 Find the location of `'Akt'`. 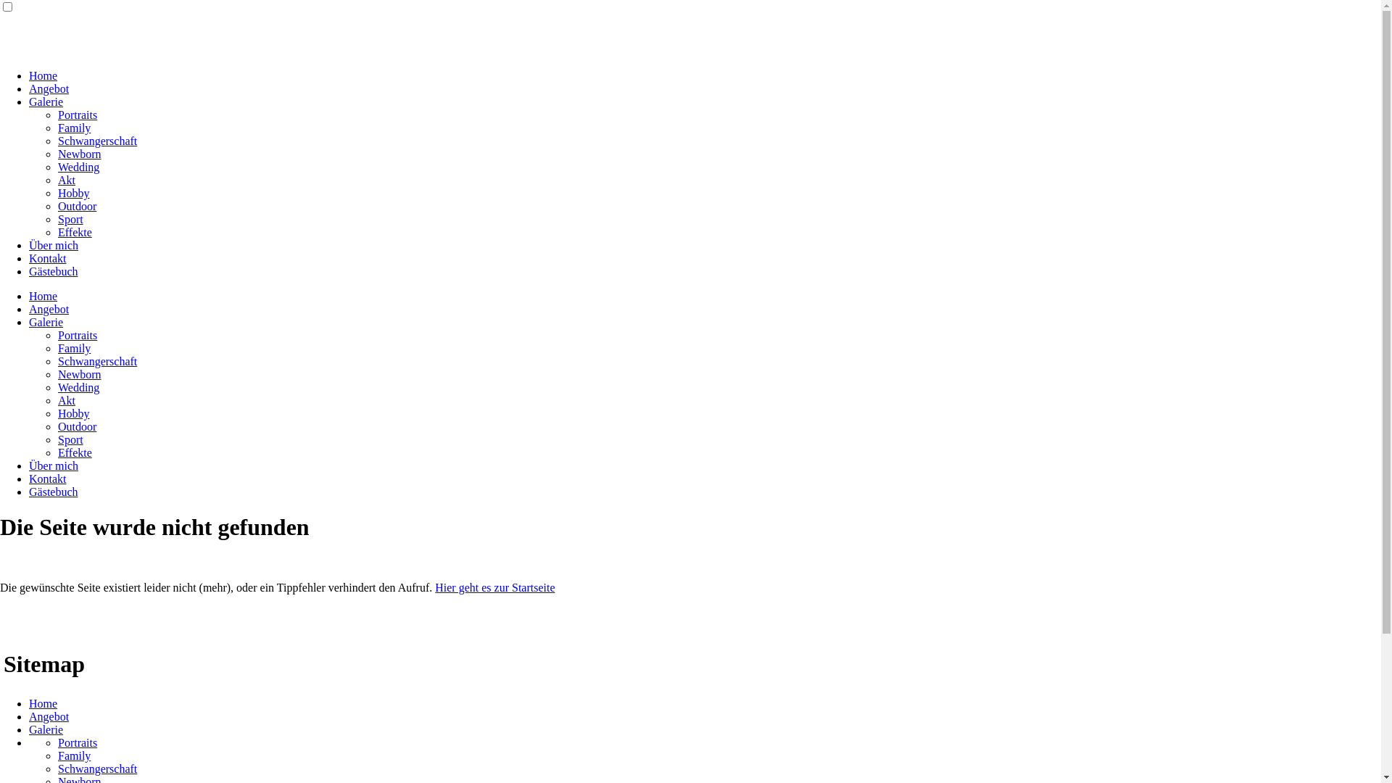

'Akt' is located at coordinates (65, 179).